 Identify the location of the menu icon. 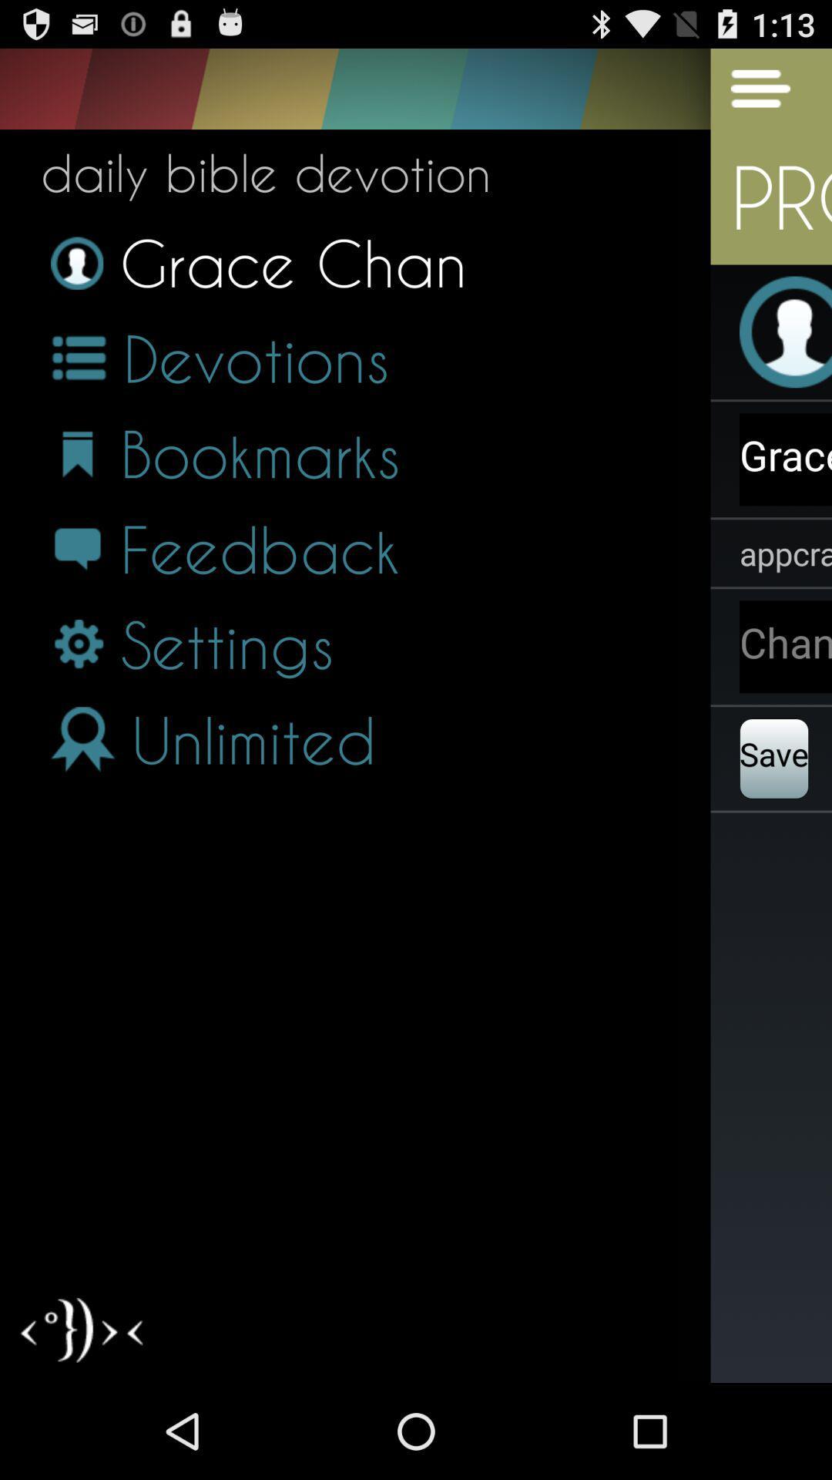
(750, 94).